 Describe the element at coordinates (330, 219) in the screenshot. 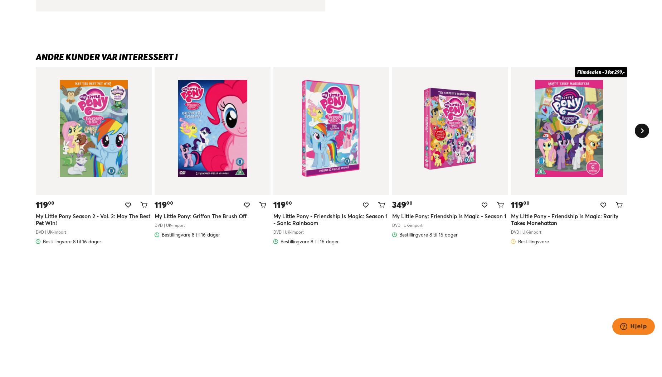

I see `'My Little Pony - Friendship Is Magic: Season 1 - Sonic Rainboom'` at that location.